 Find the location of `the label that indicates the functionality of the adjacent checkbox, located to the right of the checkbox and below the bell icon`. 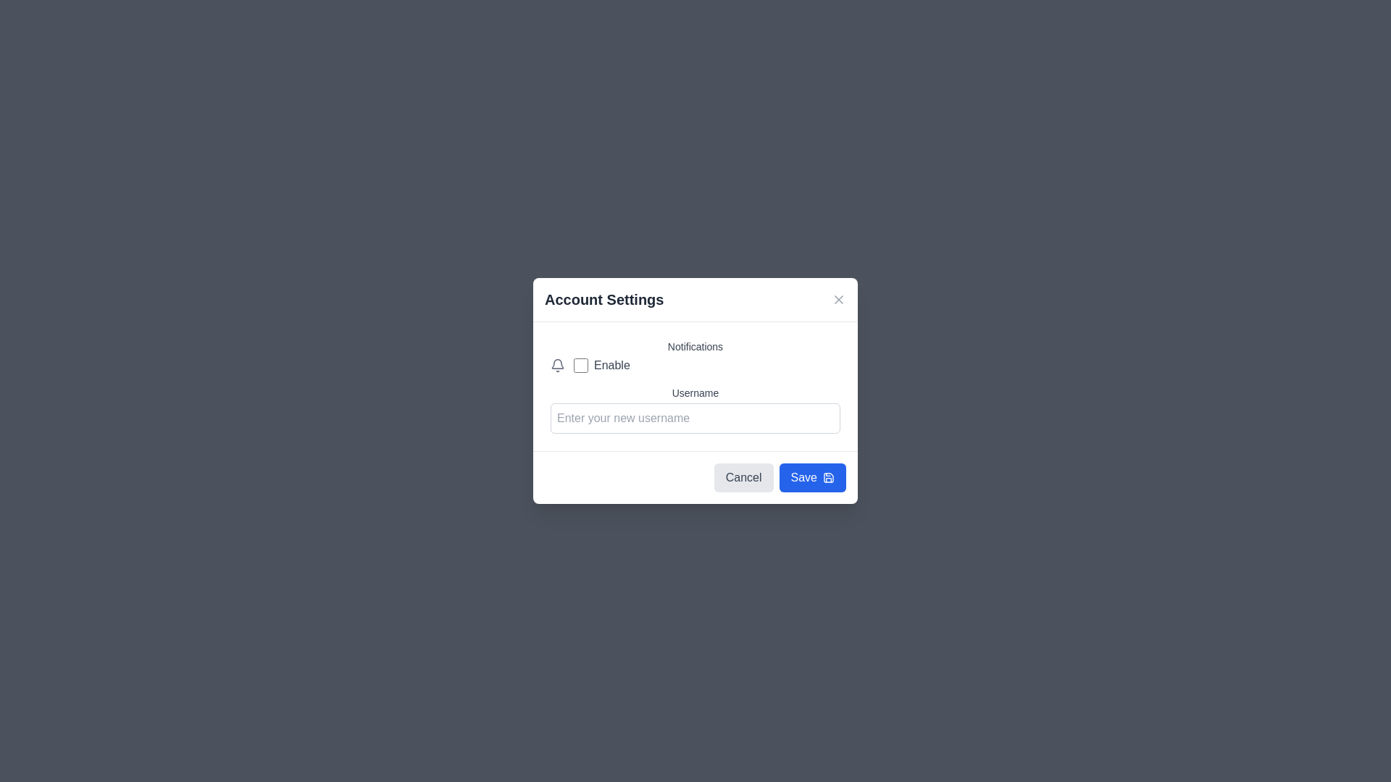

the label that indicates the functionality of the adjacent checkbox, located to the right of the checkbox and below the bell icon is located at coordinates (611, 365).